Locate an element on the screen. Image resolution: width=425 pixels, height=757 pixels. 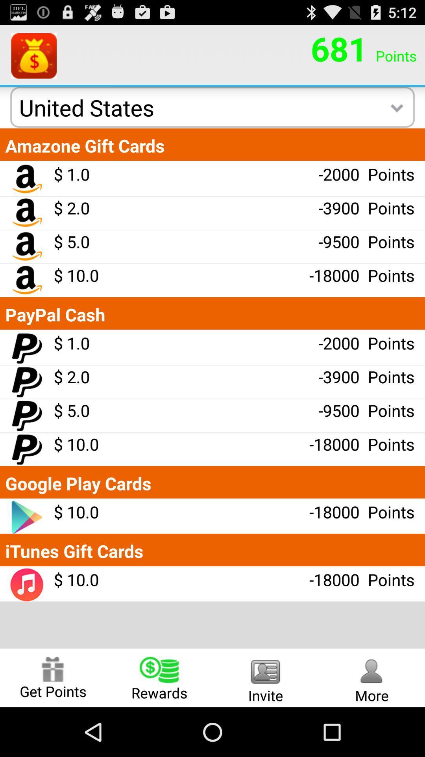
the icon next to the invite icon is located at coordinates (372, 677).